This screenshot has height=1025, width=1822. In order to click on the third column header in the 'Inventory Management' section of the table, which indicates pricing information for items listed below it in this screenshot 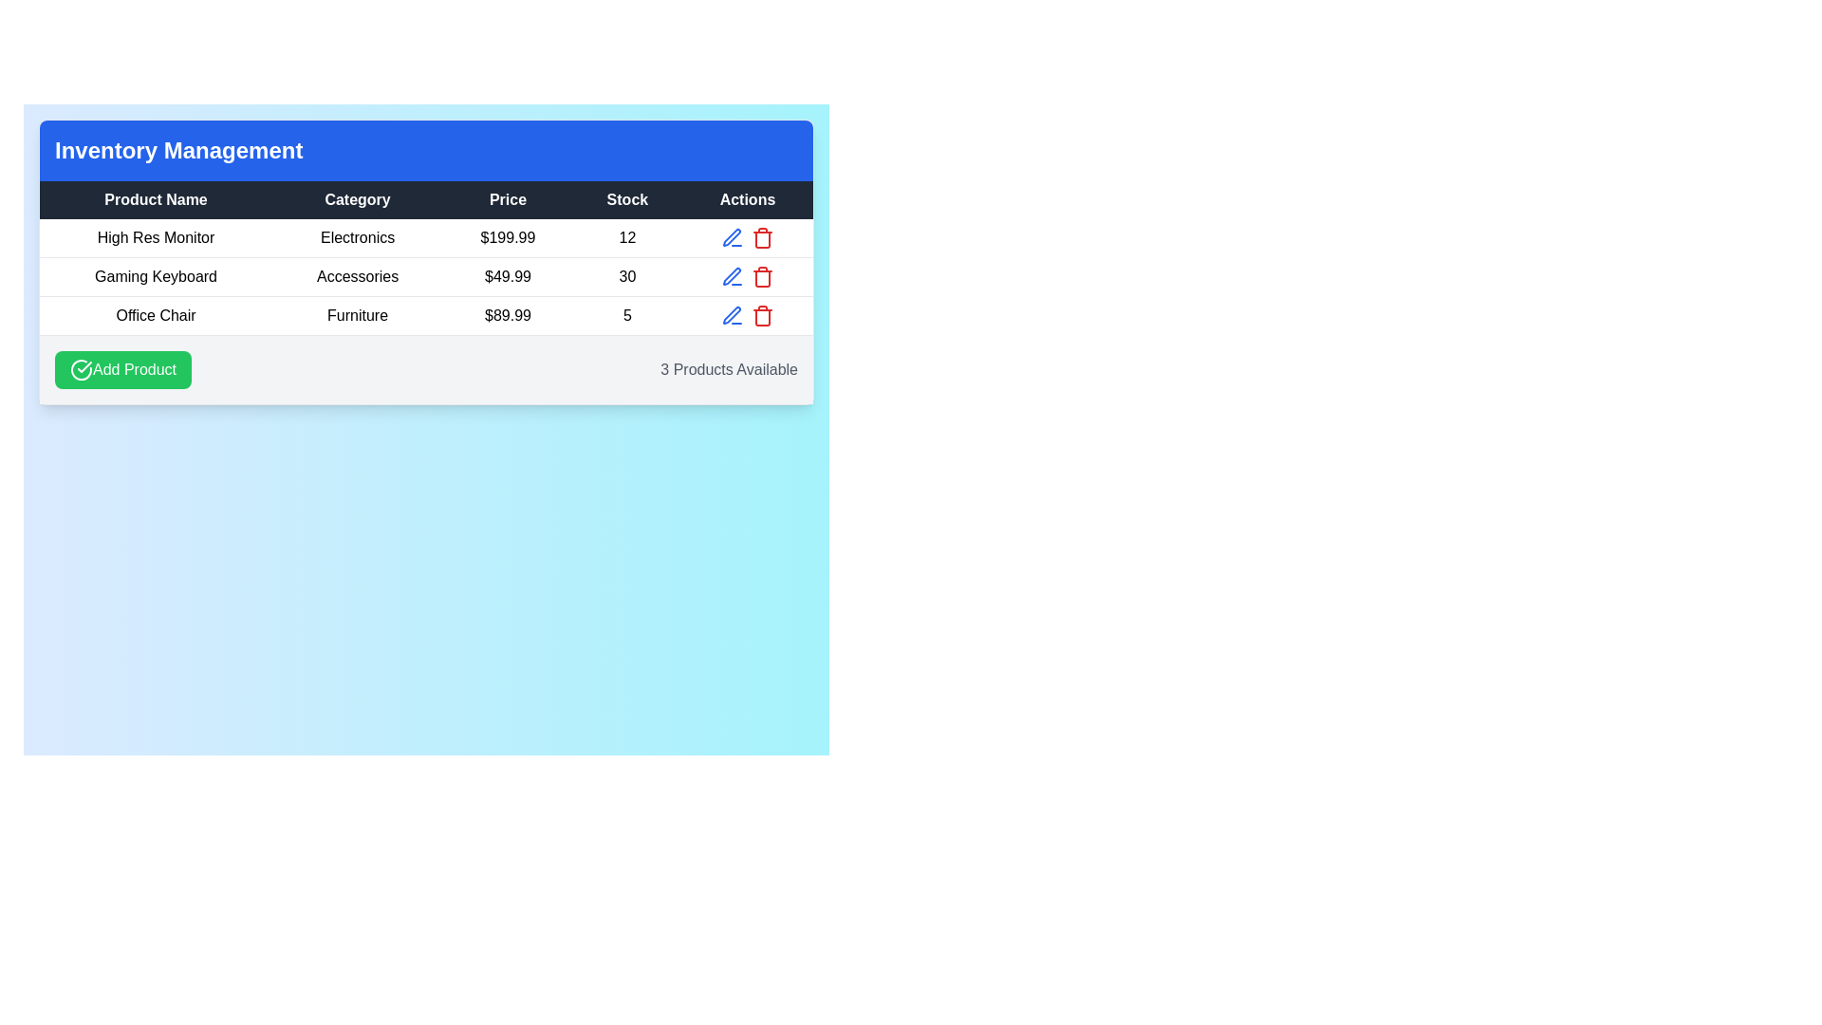, I will do `click(508, 200)`.